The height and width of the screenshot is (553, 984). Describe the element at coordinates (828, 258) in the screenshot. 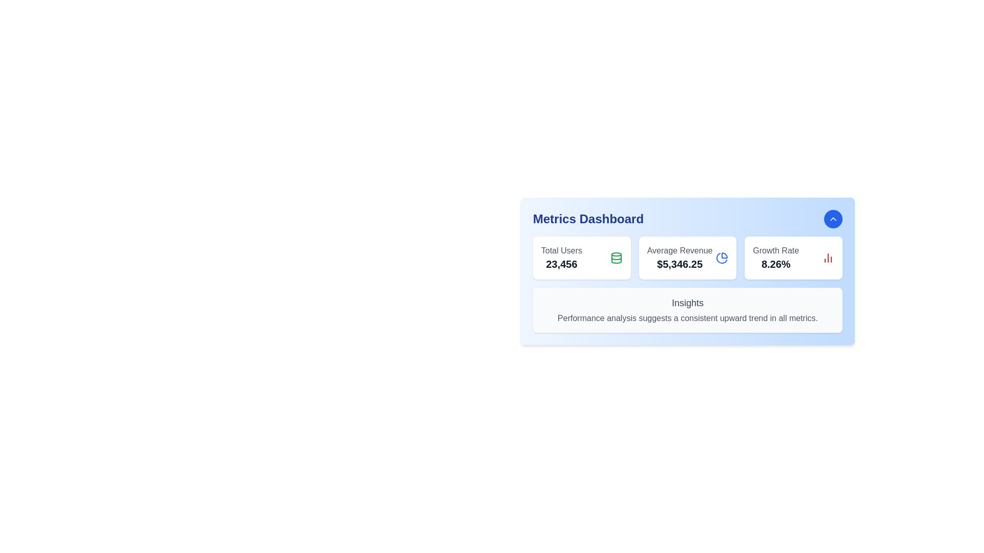

I see `the SVG Icon representing 'Growth Rate' located in the 'Metrics Dashboard', positioned to the right of the '8.26%' text` at that location.